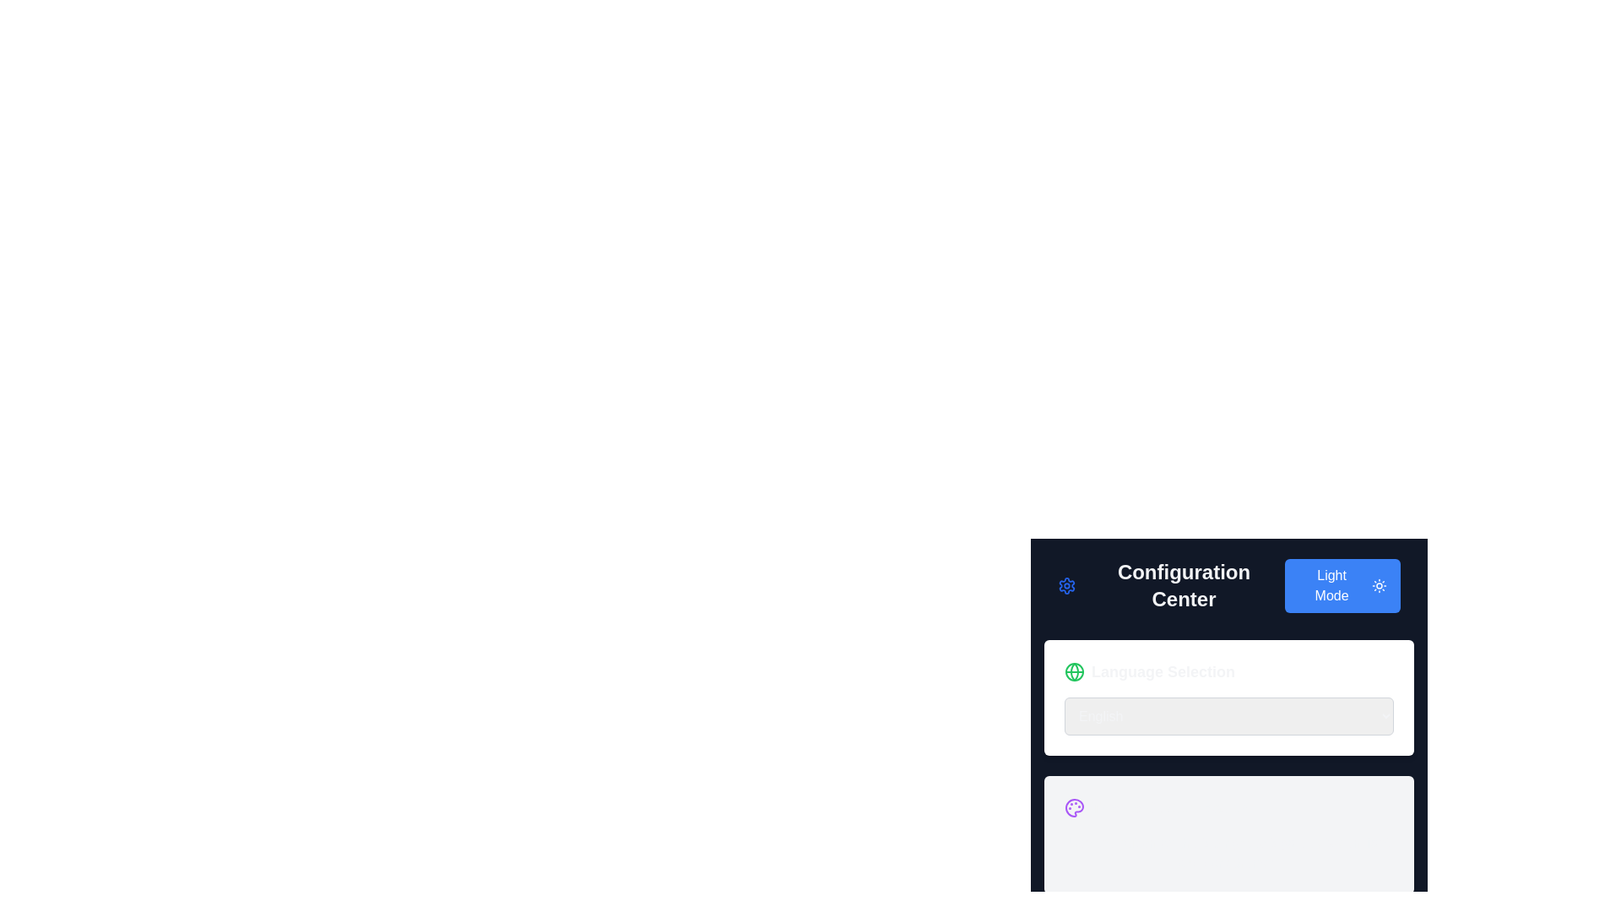 The width and height of the screenshot is (1621, 912). What do you see at coordinates (1162, 670) in the screenshot?
I see `'Language Selection' label, which is styled with bold and slightly larger font and is located beneath the 'Configuration Center' header, adjacent to a globe icon` at bounding box center [1162, 670].